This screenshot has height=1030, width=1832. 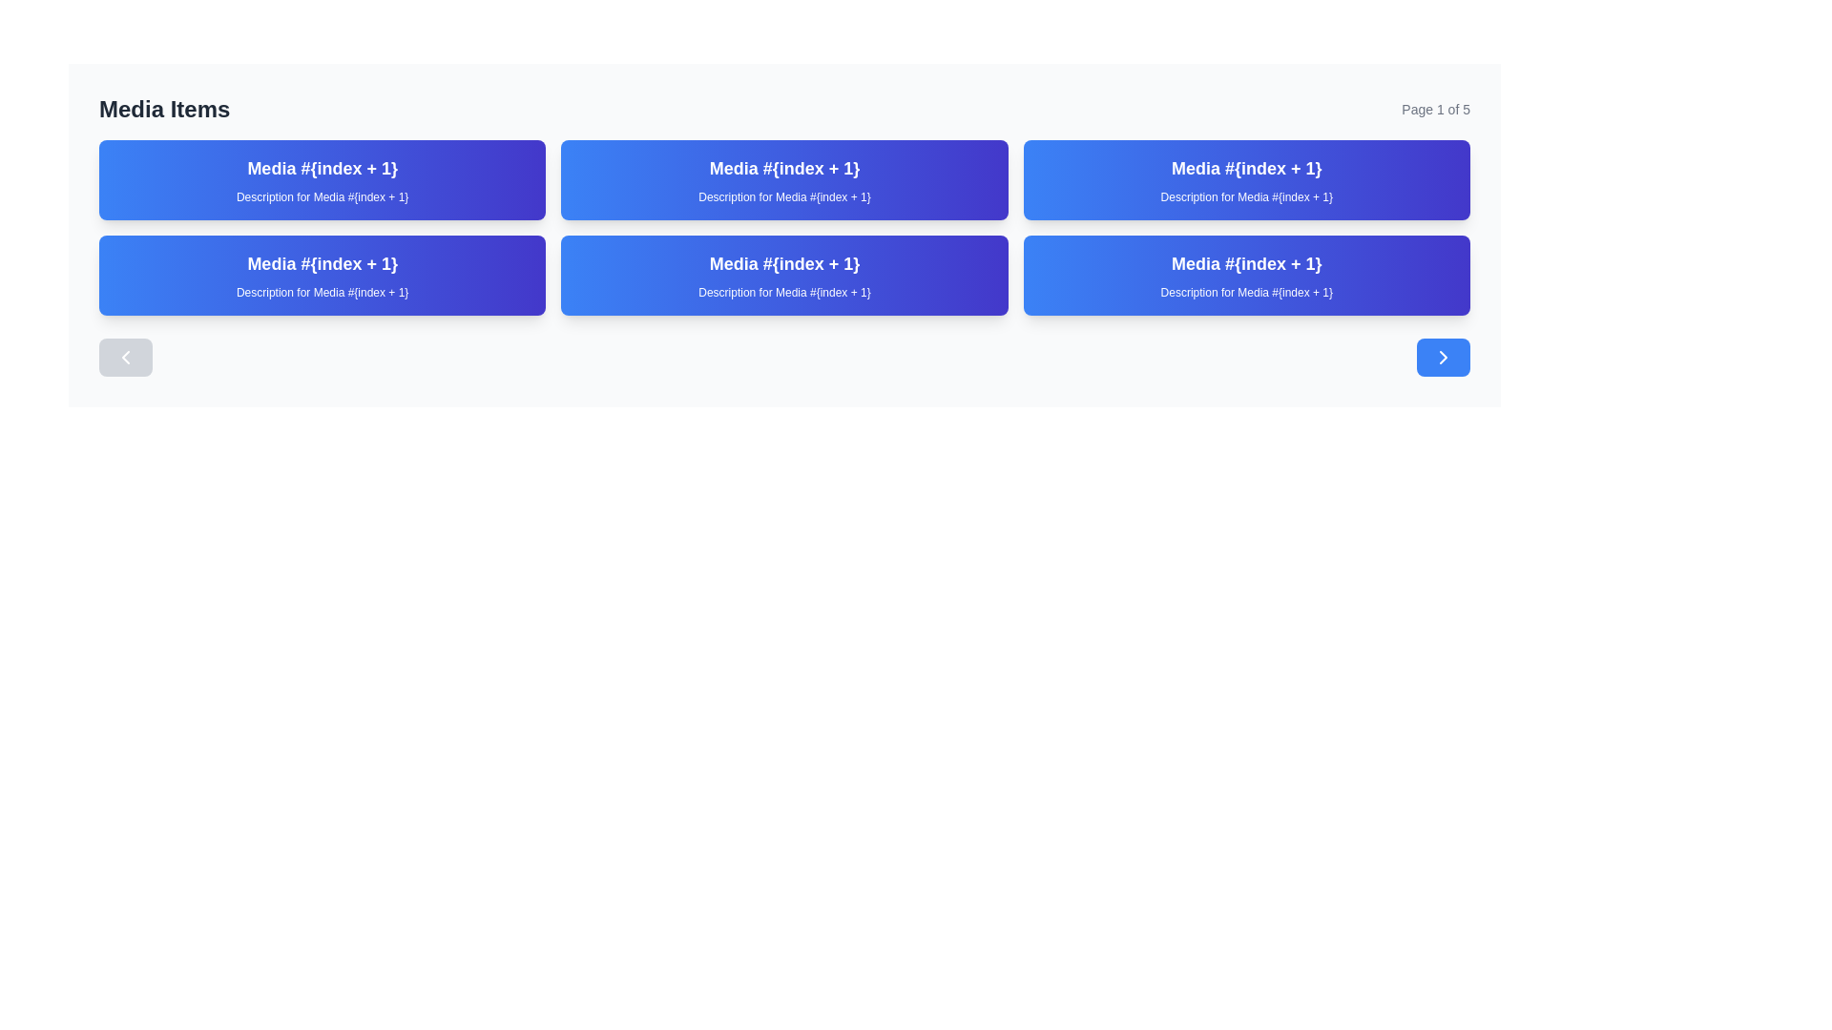 What do you see at coordinates (125, 357) in the screenshot?
I see `the 'go to previous page' button icon (Chevron) for keyboard navigation` at bounding box center [125, 357].